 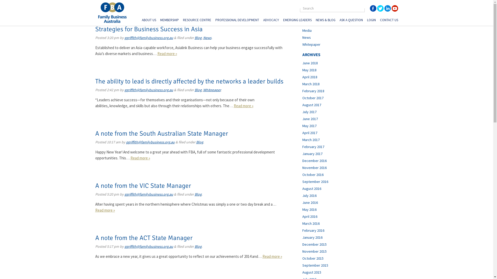 I want to click on 'RESOURCE CENTRE', so click(x=196, y=20).